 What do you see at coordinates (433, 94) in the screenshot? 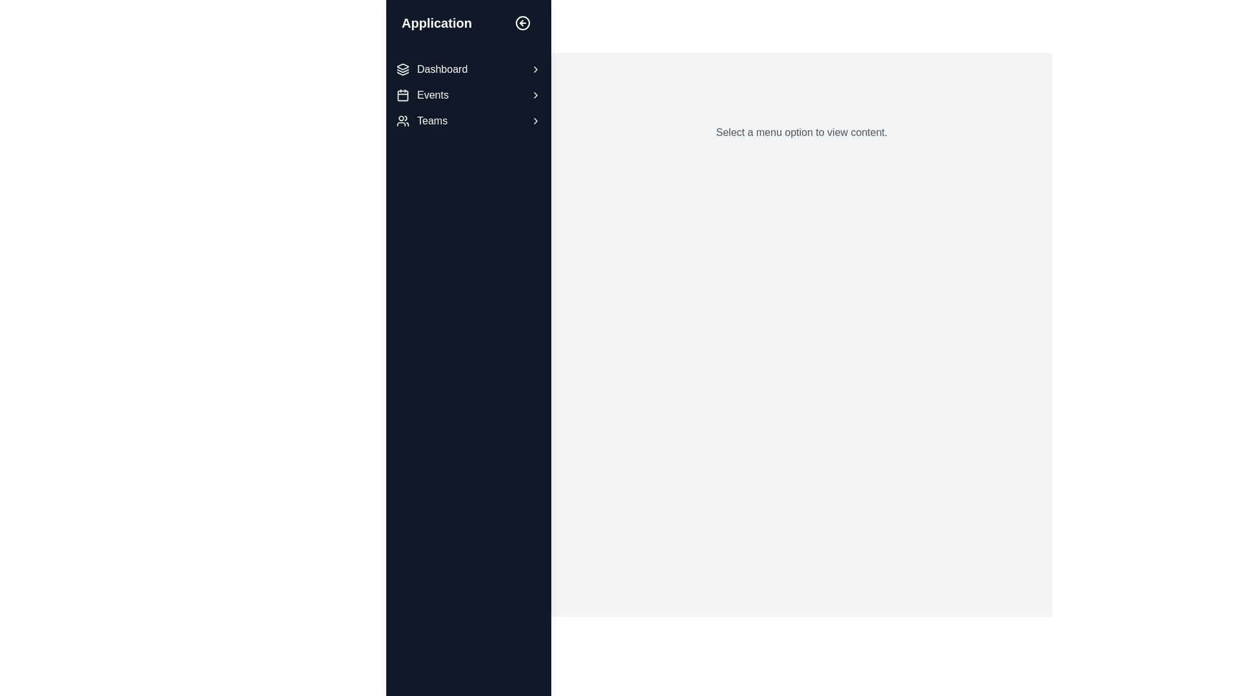
I see `the 'Events' label in the vertical navigation menu, which is located beneath the 'Dashboard' item and above the 'Teams' item` at bounding box center [433, 94].